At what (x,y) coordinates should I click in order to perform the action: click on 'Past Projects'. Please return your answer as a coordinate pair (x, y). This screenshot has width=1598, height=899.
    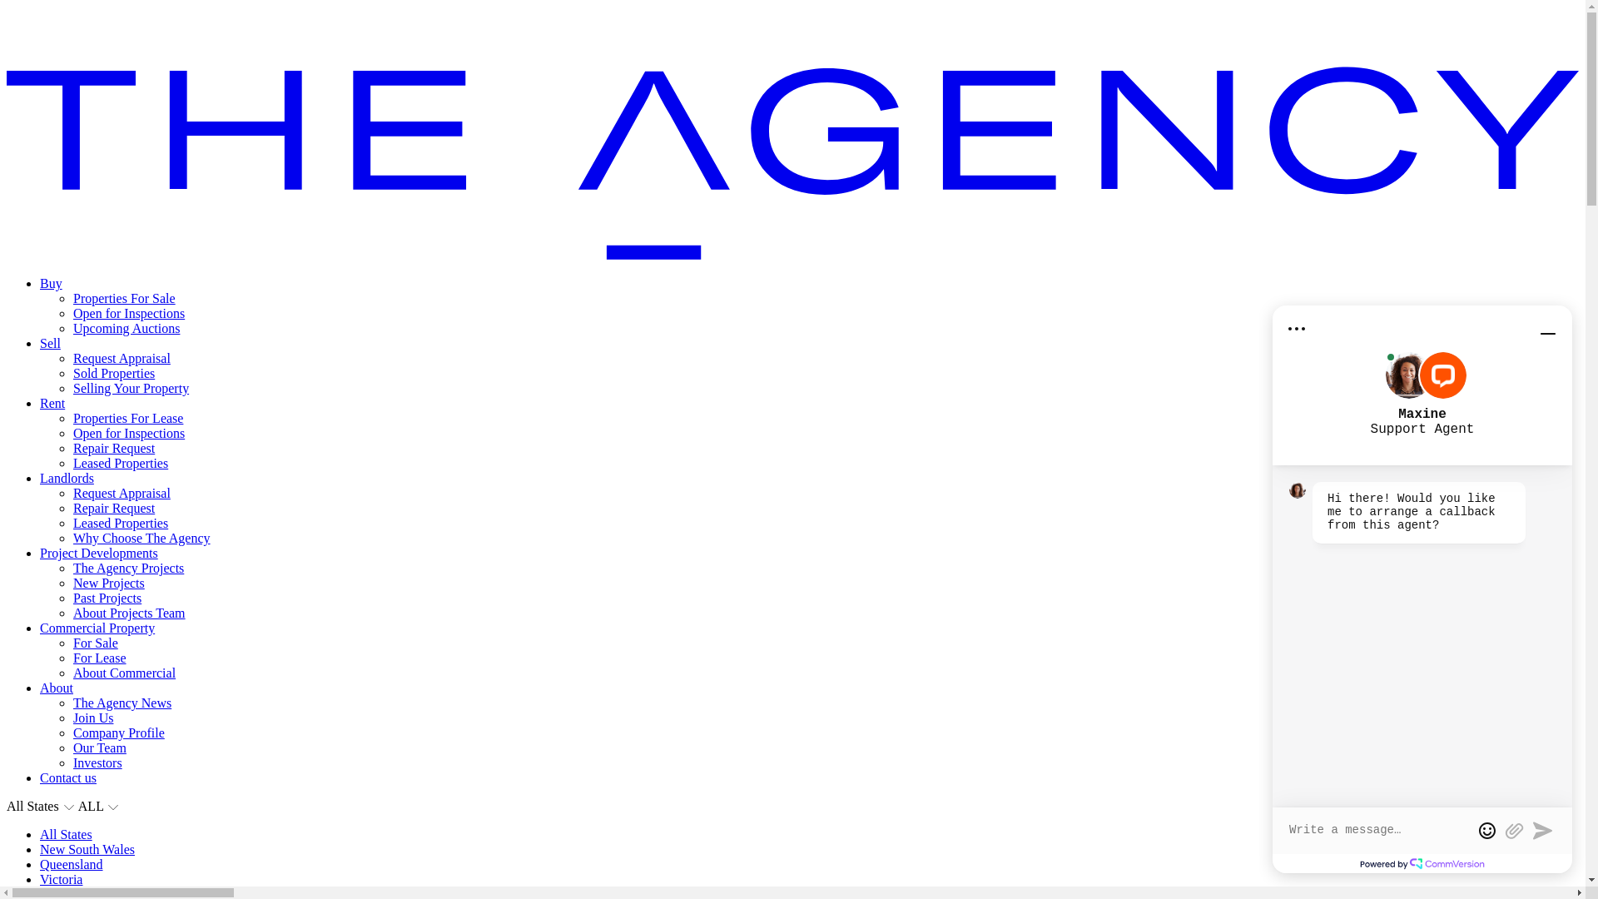
    Looking at the image, I should click on (107, 597).